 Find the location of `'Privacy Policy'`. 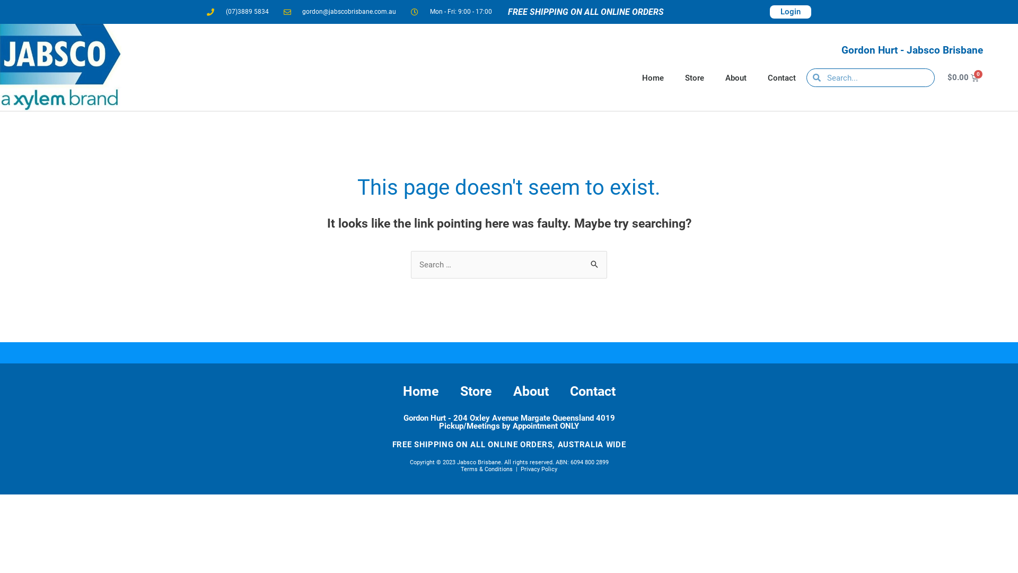

'Privacy Policy' is located at coordinates (521, 468).